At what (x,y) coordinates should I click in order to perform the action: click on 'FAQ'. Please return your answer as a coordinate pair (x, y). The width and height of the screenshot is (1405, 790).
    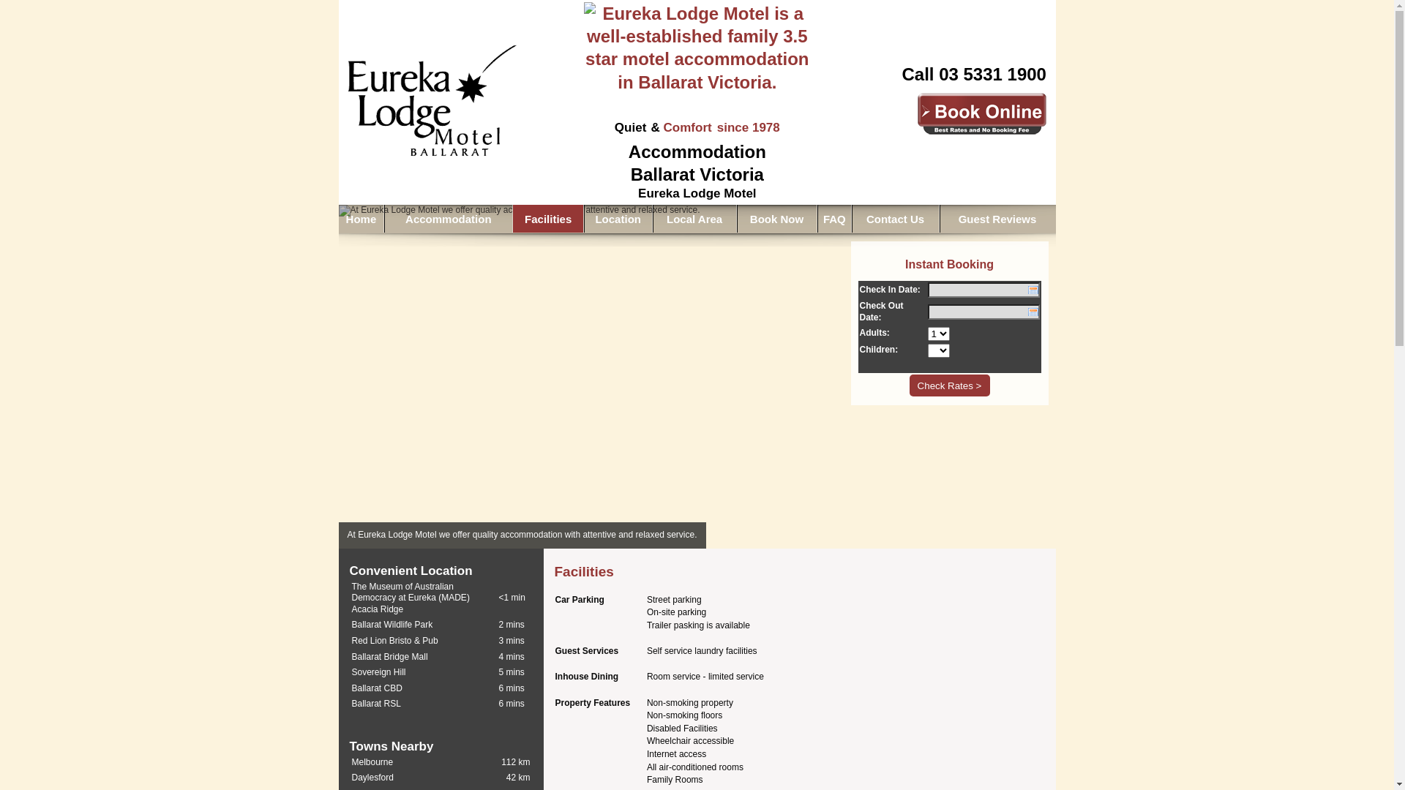
    Looking at the image, I should click on (834, 219).